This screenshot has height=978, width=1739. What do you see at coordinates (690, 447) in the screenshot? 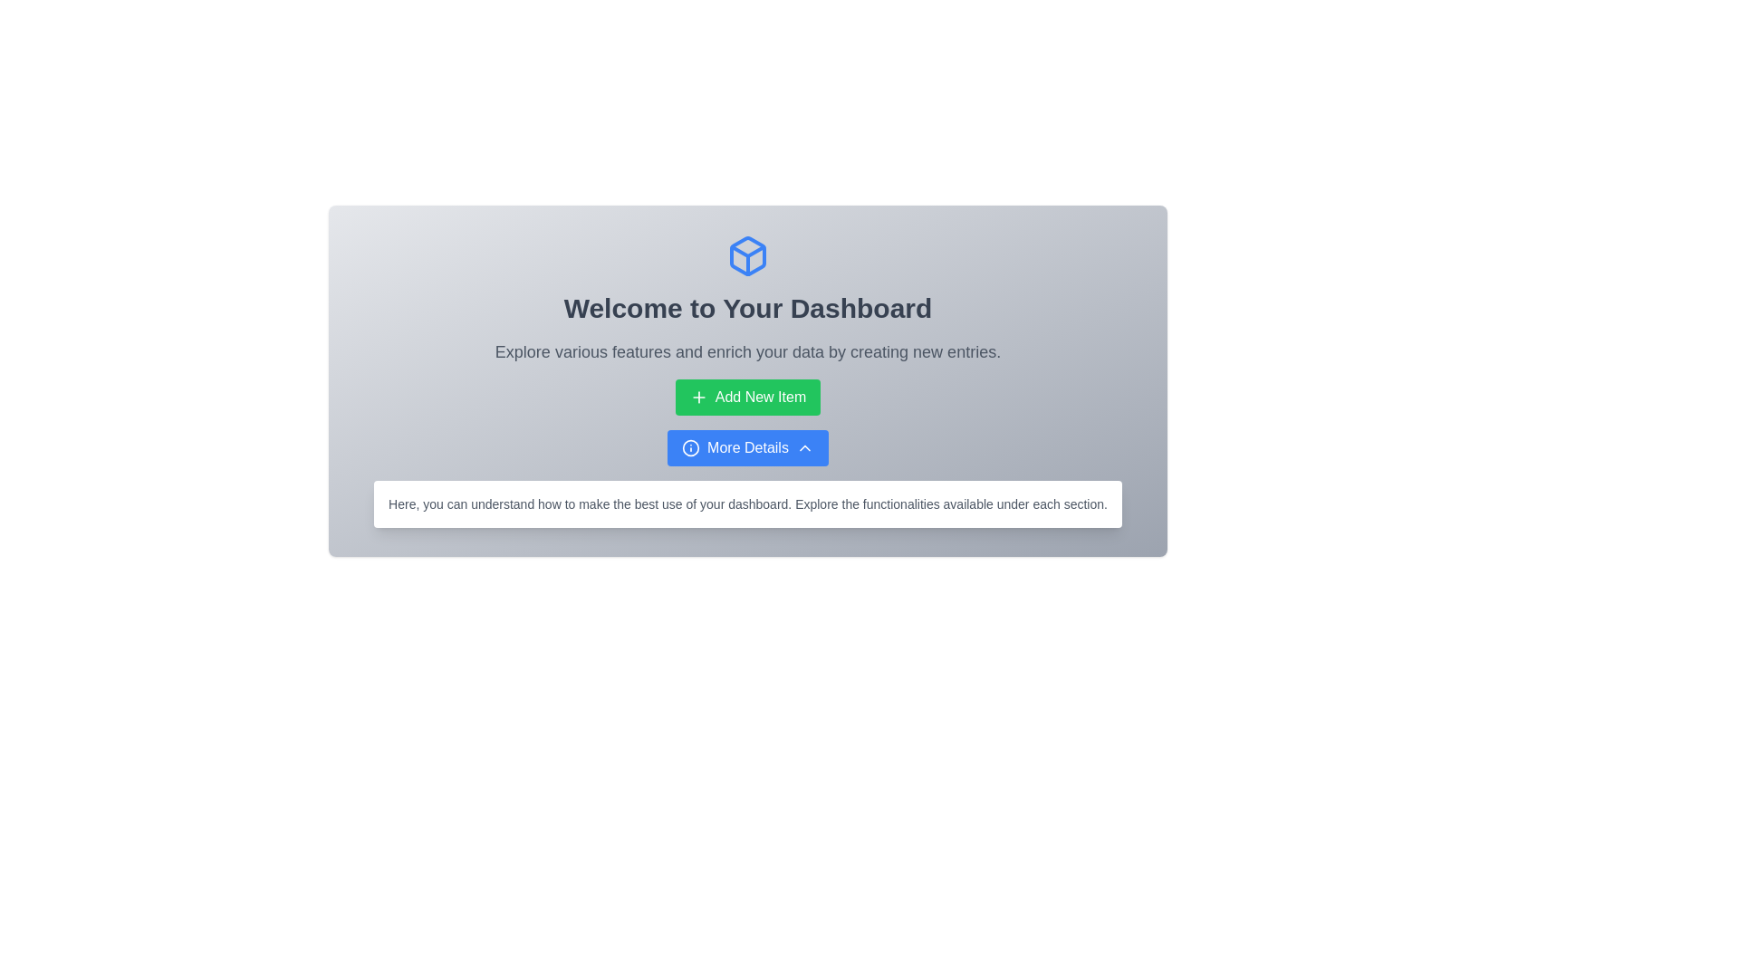
I see `the central SVG Circle graphic that represents information, located directly above the 'More Details' button` at bounding box center [690, 447].